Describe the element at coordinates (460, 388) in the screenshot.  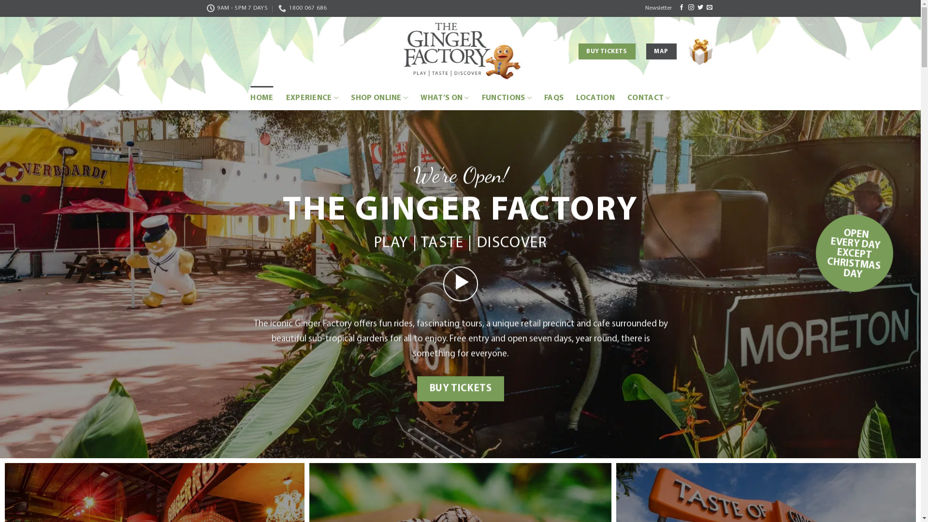
I see `'BUY TICKETS'` at that location.